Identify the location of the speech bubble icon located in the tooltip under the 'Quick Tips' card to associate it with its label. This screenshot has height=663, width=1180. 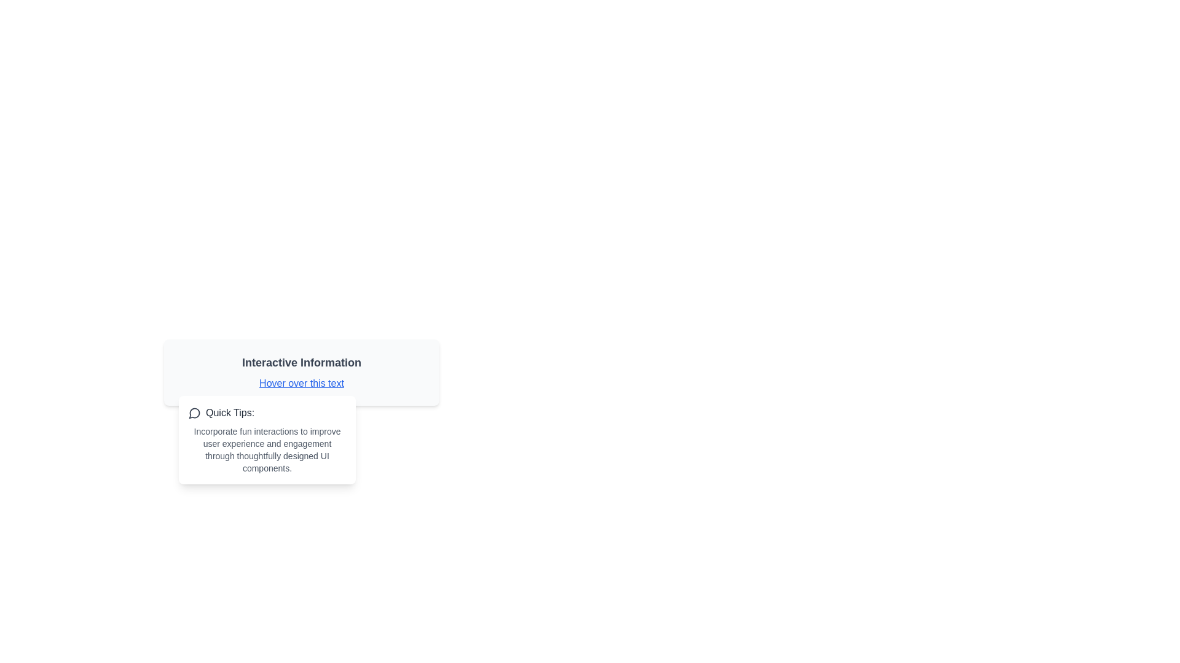
(194, 413).